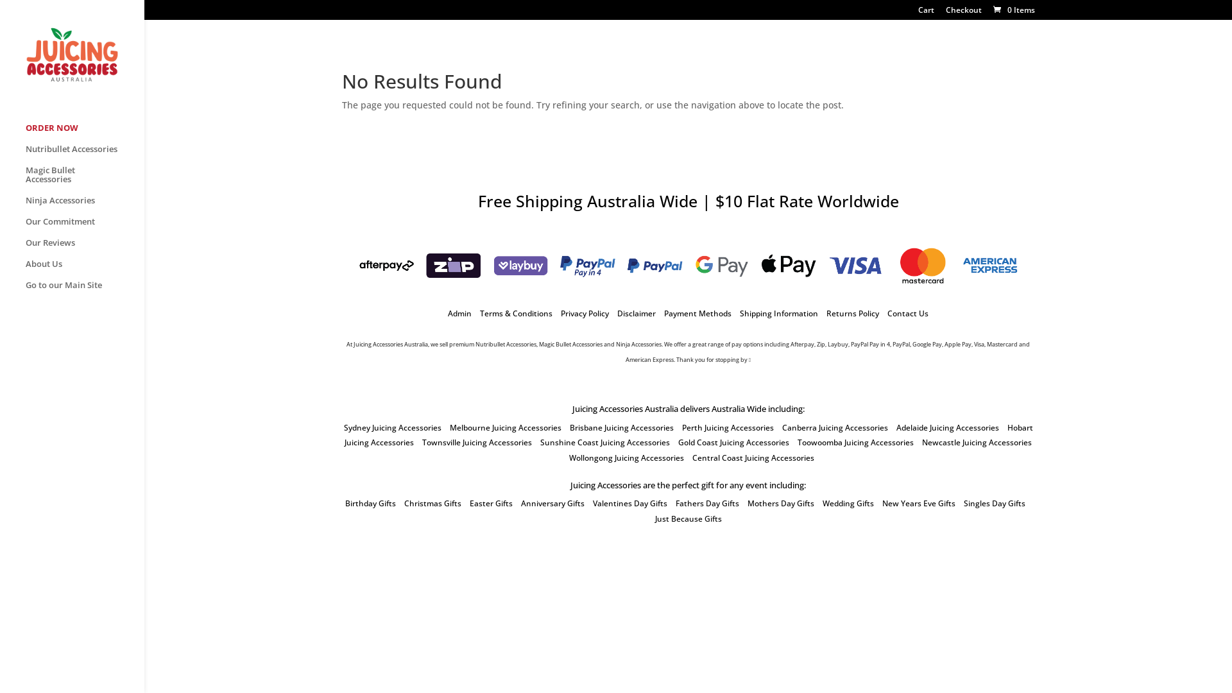 The image size is (1232, 693). Describe the element at coordinates (490, 502) in the screenshot. I see `'Easter Gifts'` at that location.